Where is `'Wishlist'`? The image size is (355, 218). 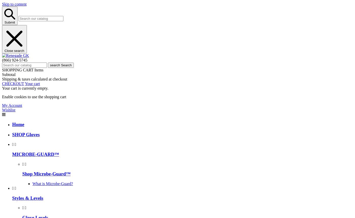 'Wishlist' is located at coordinates (9, 109).